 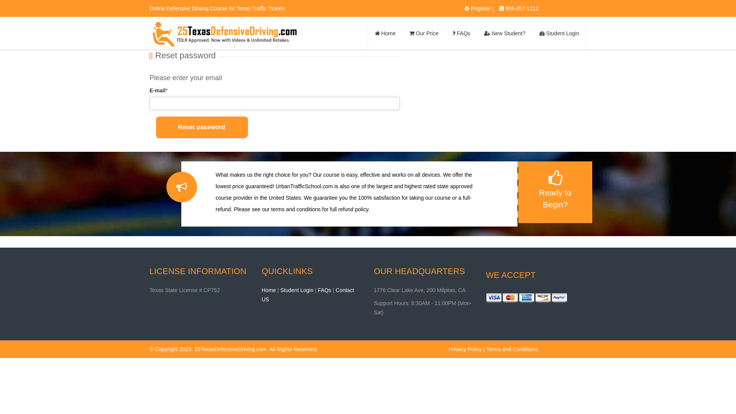 I want to click on 'Privacy Policy', so click(x=465, y=349).